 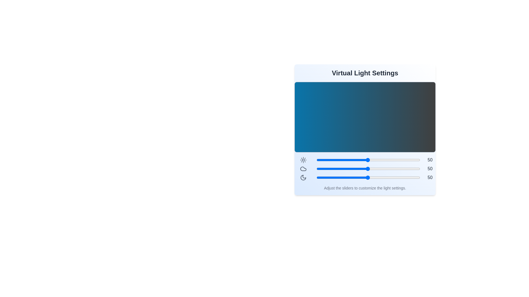 What do you see at coordinates (404, 160) in the screenshot?
I see `the brightness slider to 85 level` at bounding box center [404, 160].